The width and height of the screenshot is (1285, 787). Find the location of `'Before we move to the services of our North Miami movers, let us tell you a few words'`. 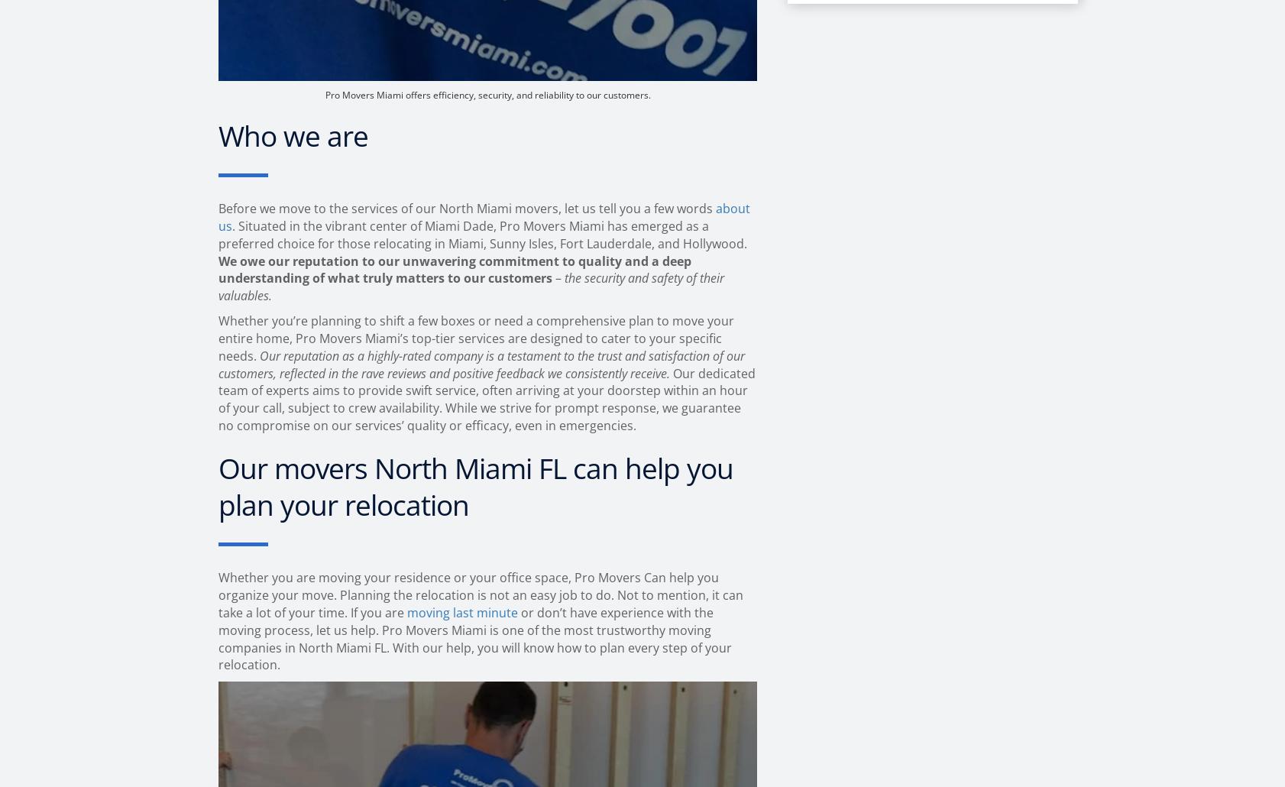

'Before we move to the services of our North Miami movers, let us tell you a few words' is located at coordinates (467, 207).